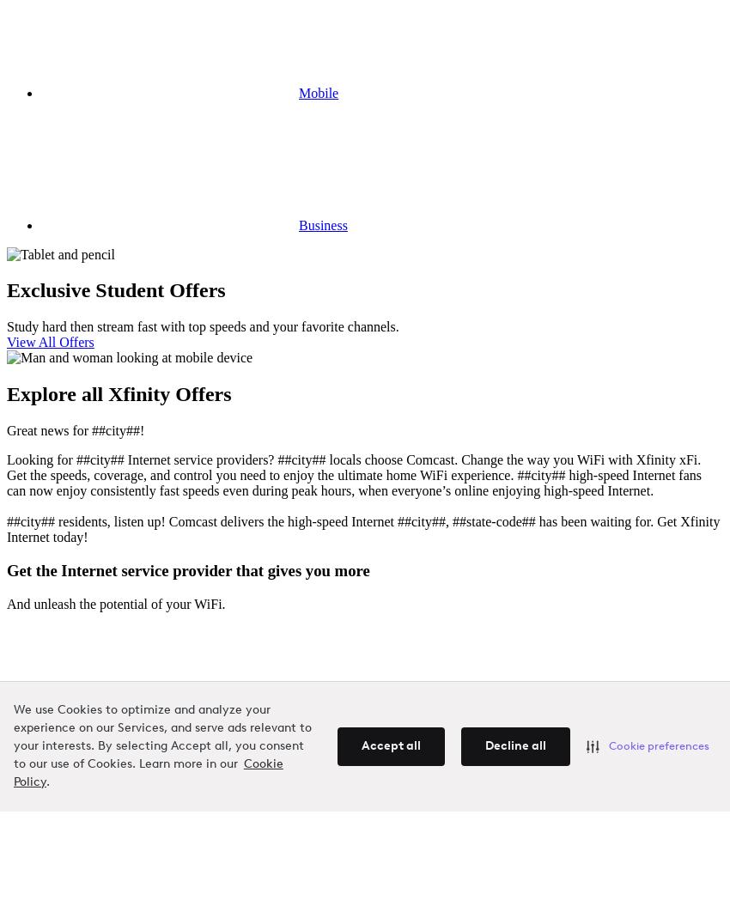  Describe the element at coordinates (5, 569) in the screenshot. I see `'Get the Internet service provider that gives you more'` at that location.